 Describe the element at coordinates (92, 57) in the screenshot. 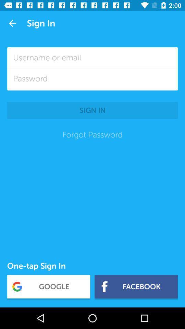

I see `username or email input box` at that location.